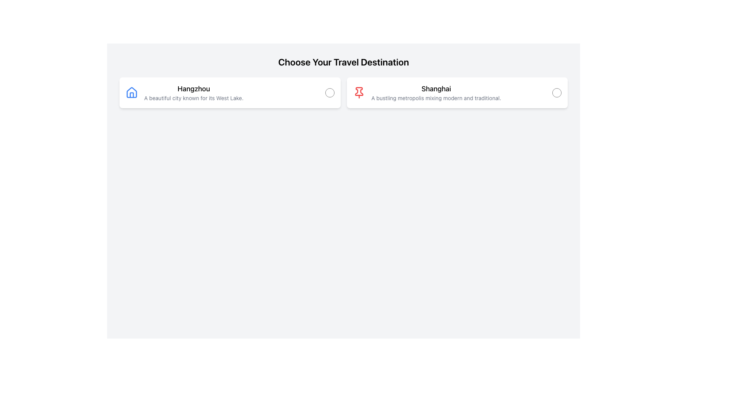 This screenshot has height=416, width=740. Describe the element at coordinates (436, 97) in the screenshot. I see `plain text snippet displaying 'A bustling metropolis mixing modern and traditional.' located below the bold title 'Shanghai' in the right-hand selection box` at that location.